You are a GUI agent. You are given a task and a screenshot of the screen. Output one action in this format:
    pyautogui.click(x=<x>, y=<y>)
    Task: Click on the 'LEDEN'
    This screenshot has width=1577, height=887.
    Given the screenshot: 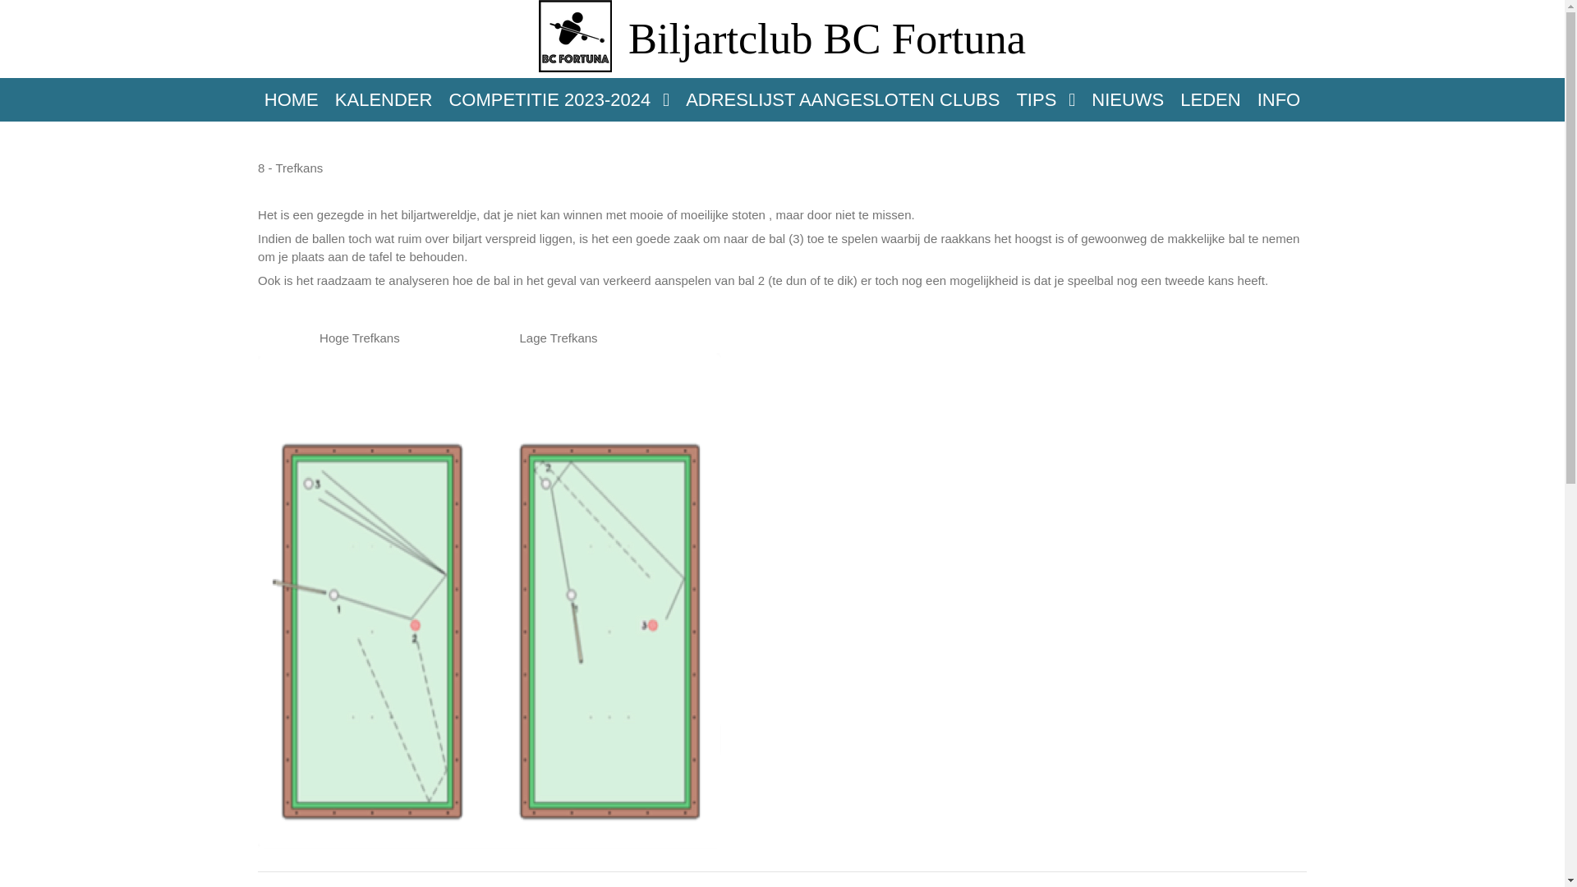 What is the action you would take?
    pyautogui.click(x=1210, y=99)
    